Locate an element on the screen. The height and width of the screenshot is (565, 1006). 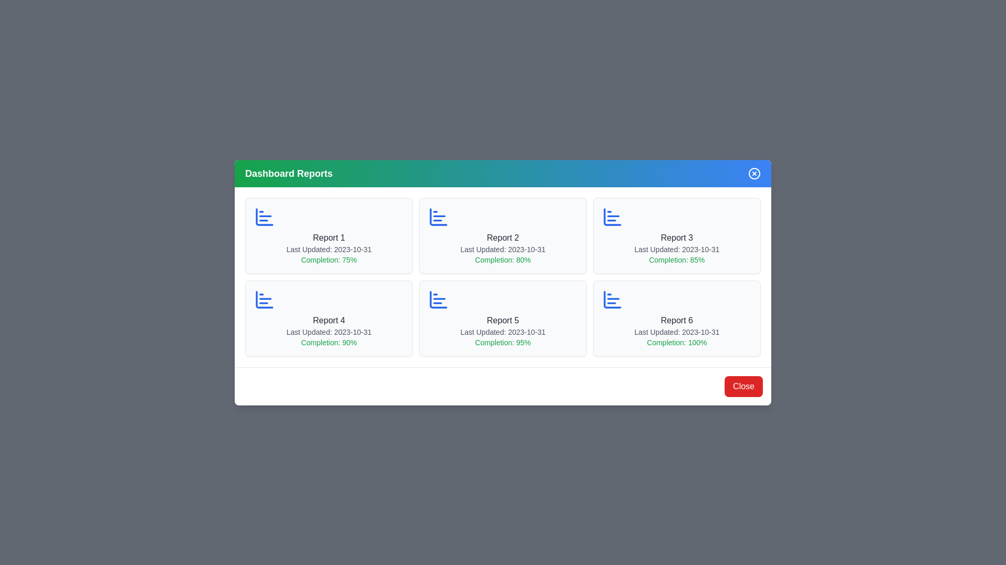
the close button in the header to close the dialog is located at coordinates (754, 173).